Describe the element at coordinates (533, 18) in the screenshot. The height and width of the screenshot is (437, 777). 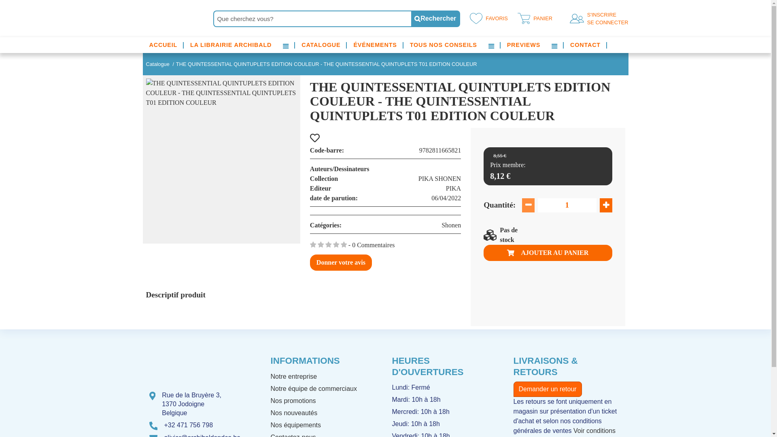
I see `'PANIER'` at that location.